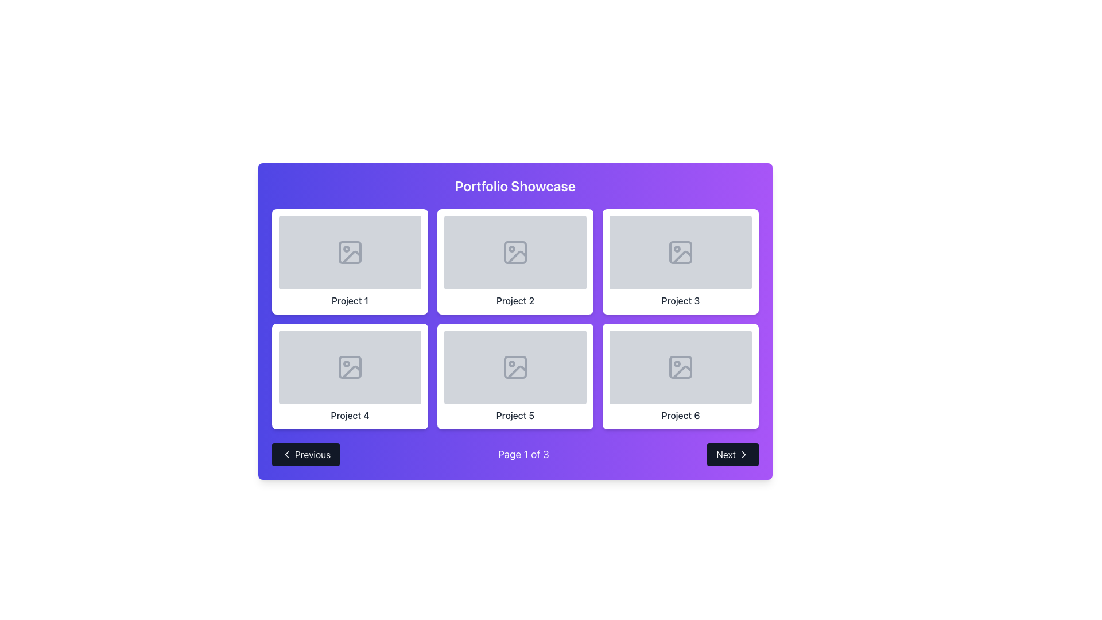  Describe the element at coordinates (744, 454) in the screenshot. I see `the right-facing arrow icon of the 'Next' button` at that location.